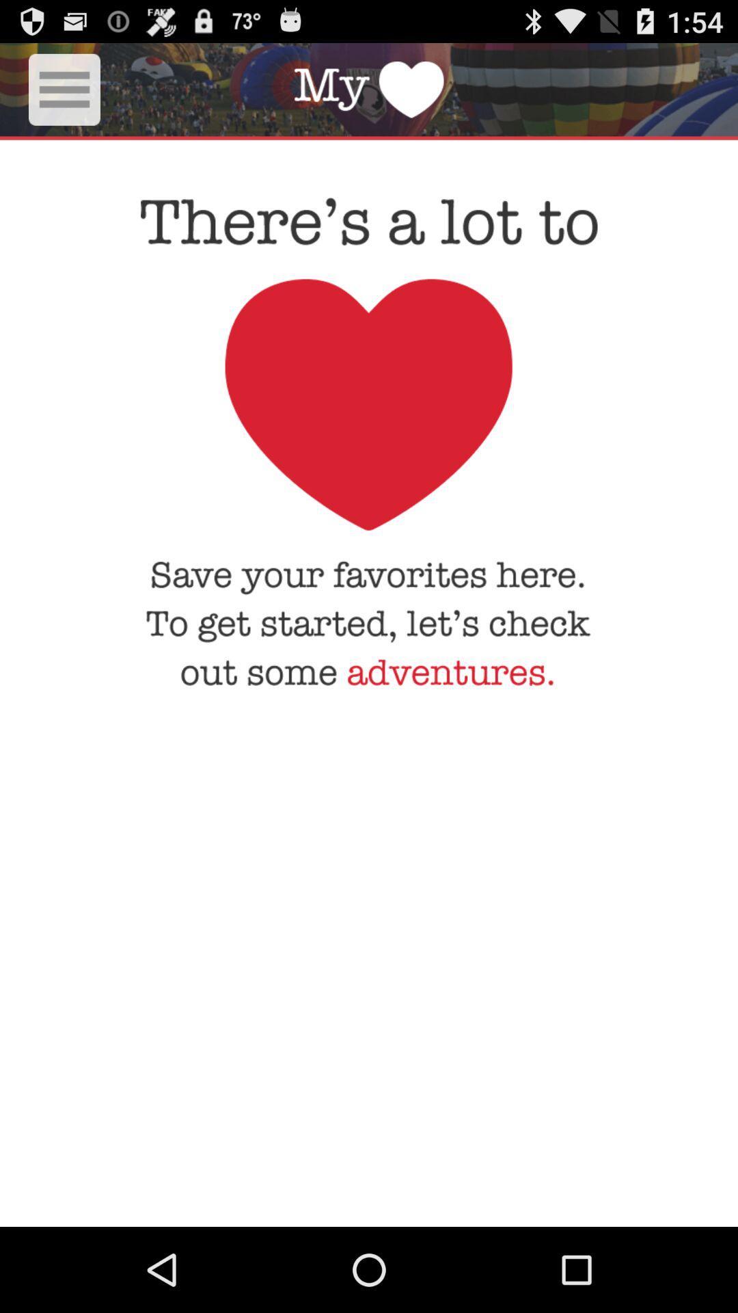 The image size is (738, 1313). What do you see at coordinates (64, 89) in the screenshot?
I see `menu` at bounding box center [64, 89].